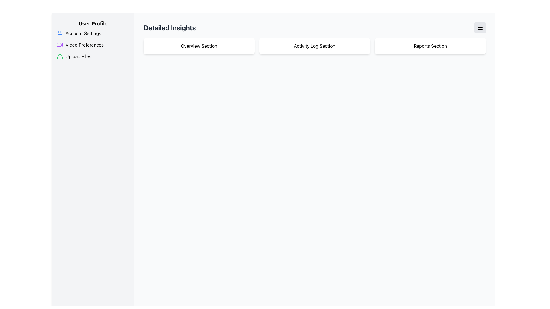 The image size is (550, 309). I want to click on the rectangular button with rounded corners and a gray background containing a black menu icon, located in the top-right corner of the 'Detailed Insights' section, so click(480, 27).